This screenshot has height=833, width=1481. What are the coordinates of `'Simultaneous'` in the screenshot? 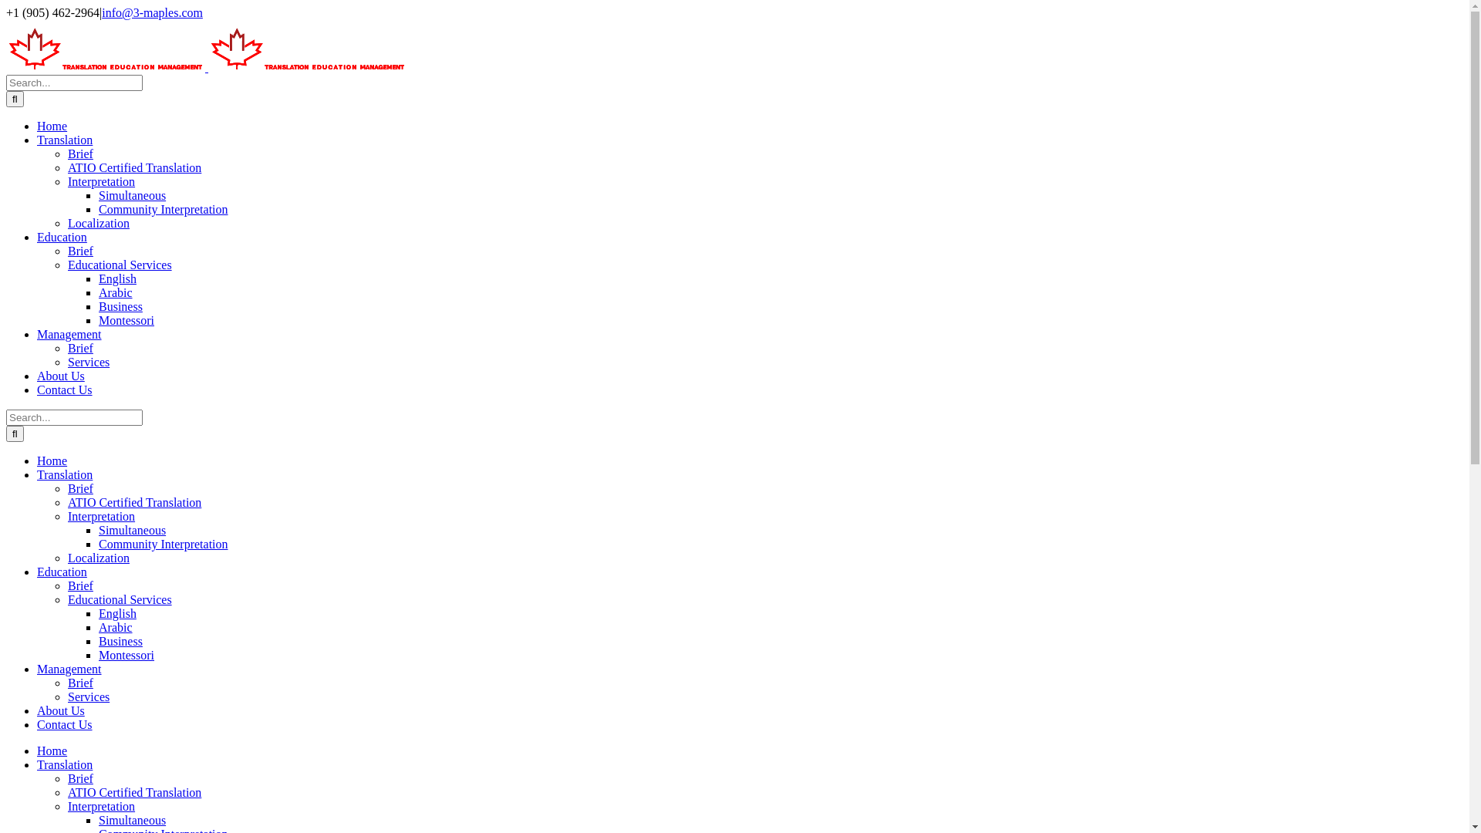 It's located at (132, 529).